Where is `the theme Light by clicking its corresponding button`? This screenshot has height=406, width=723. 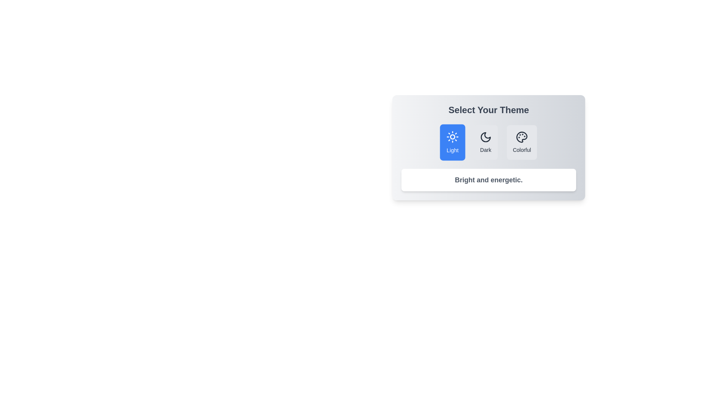 the theme Light by clicking its corresponding button is located at coordinates (452, 142).